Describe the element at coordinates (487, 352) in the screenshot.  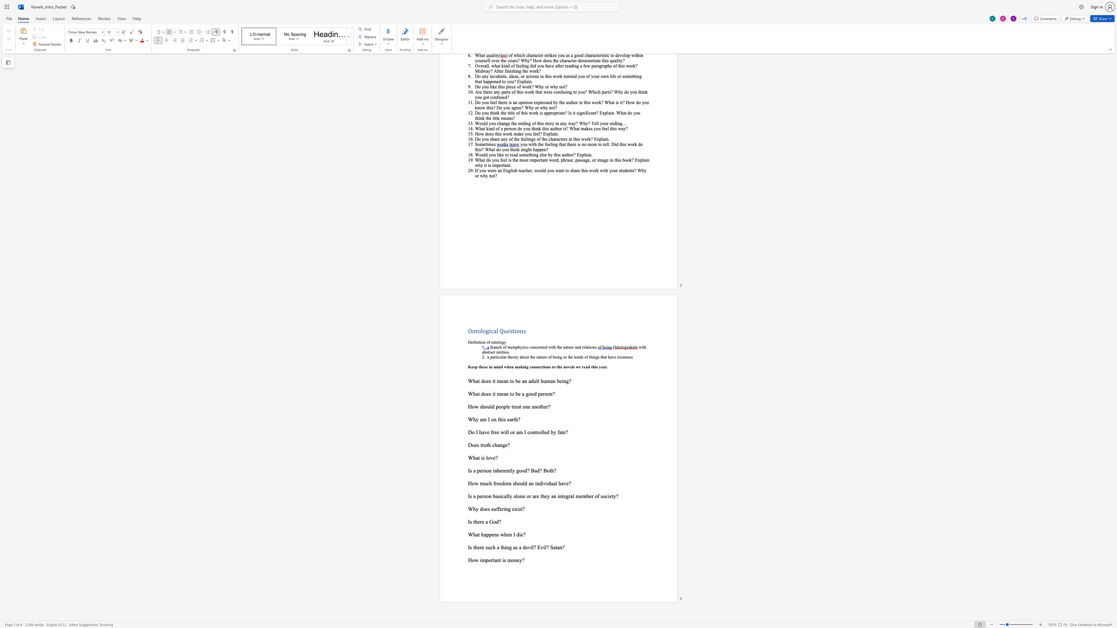
I see `the space between the continuous character "s" and "t" in the text` at that location.